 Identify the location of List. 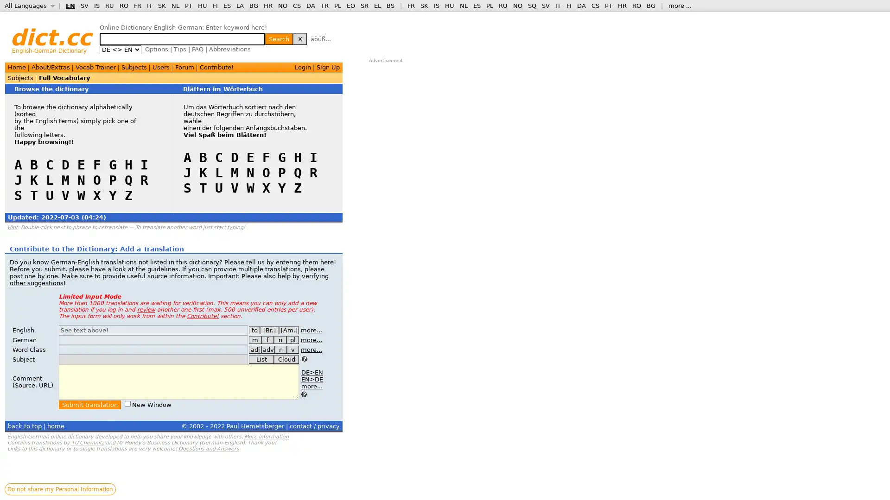
(261, 359).